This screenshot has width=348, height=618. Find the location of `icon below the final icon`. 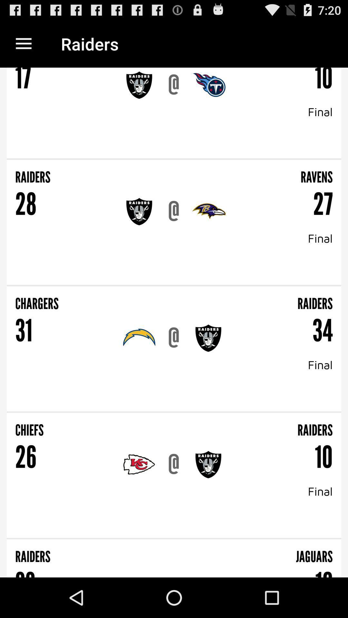

icon below the final icon is located at coordinates (174, 159).